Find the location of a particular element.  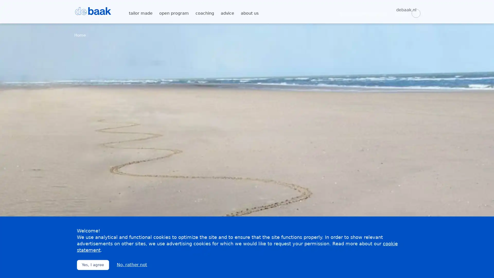

Zoeken is located at coordinates (418, 27).